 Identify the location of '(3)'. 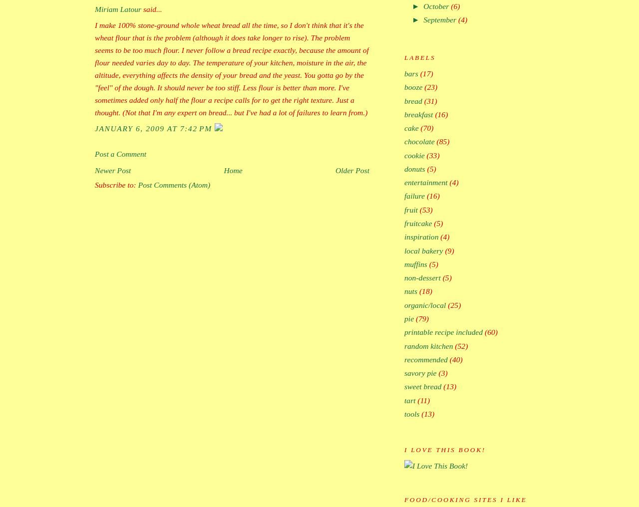
(438, 373).